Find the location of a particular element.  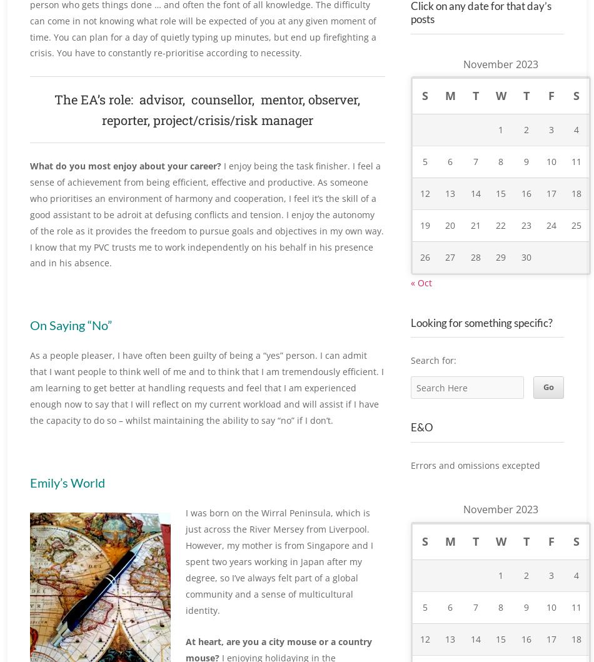

'E&O' is located at coordinates (421, 441).